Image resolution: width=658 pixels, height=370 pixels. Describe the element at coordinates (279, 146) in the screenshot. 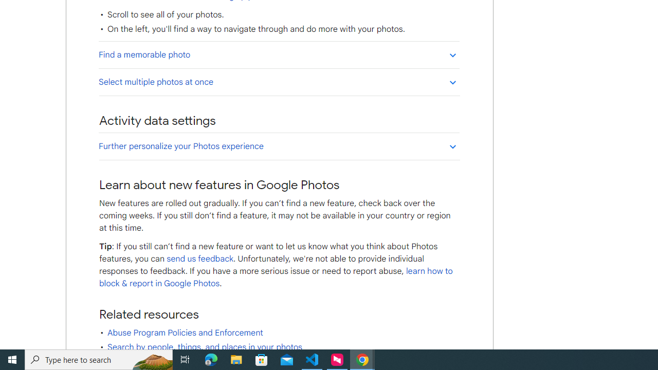

I see `'Further personalize your Photos experience'` at that location.